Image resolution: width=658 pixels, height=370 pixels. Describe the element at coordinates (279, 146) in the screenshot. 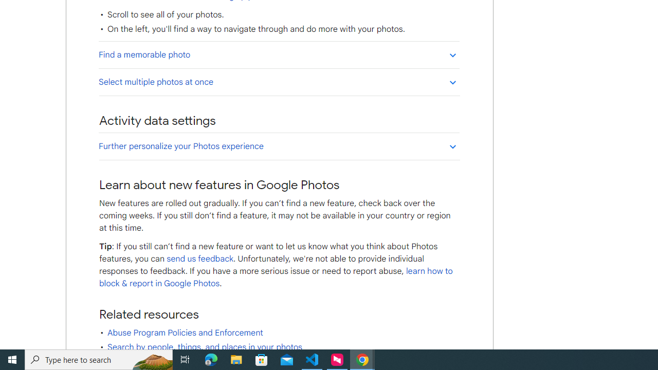

I see `'Further personalize your Photos experience'` at that location.